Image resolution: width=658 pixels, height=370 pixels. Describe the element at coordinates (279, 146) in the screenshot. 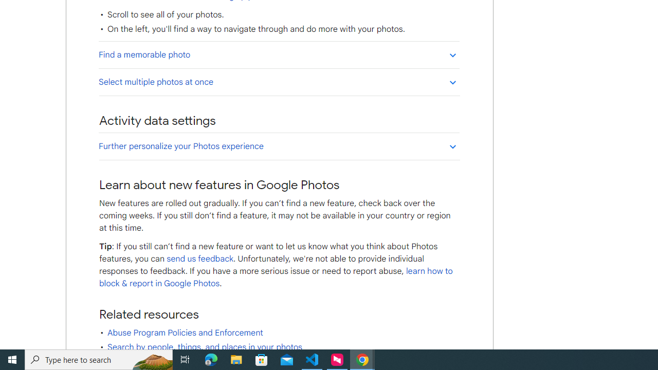

I see `'Further personalize your Photos experience'` at that location.